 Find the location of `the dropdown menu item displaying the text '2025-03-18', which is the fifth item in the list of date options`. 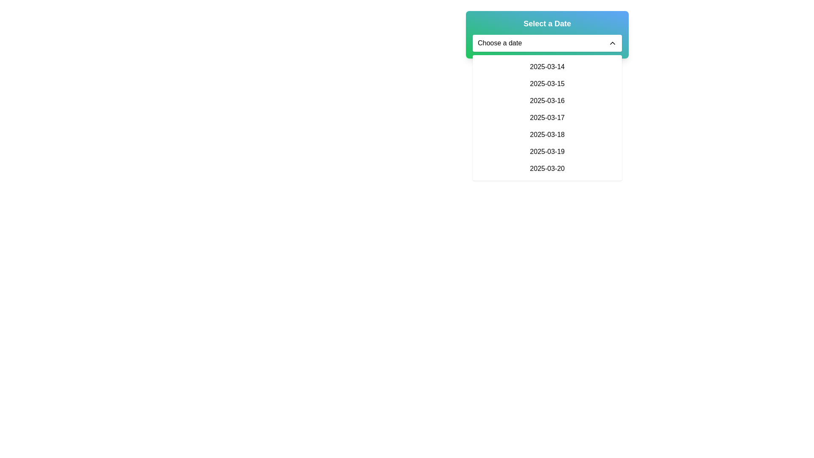

the dropdown menu item displaying the text '2025-03-18', which is the fifth item in the list of date options is located at coordinates (547, 134).